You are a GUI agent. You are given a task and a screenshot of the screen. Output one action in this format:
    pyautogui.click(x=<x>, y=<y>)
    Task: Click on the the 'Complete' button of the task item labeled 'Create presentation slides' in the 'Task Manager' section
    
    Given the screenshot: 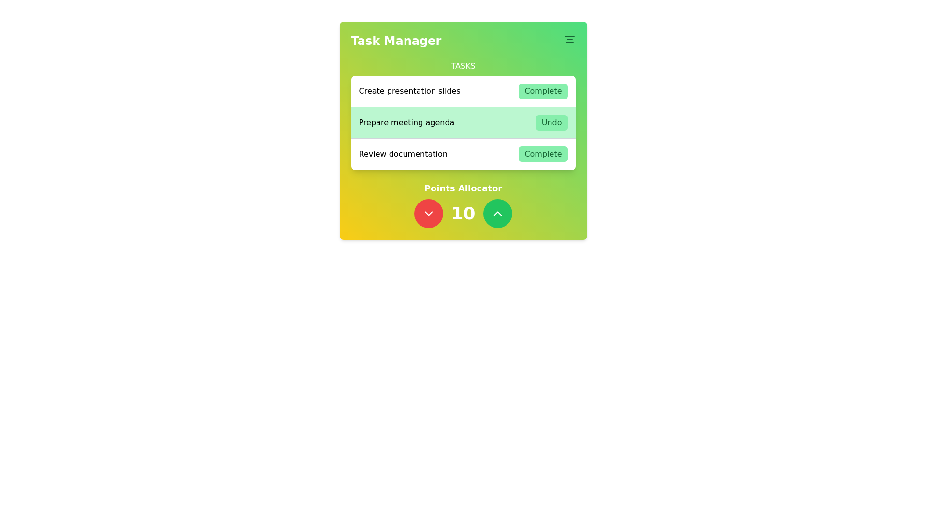 What is the action you would take?
    pyautogui.click(x=463, y=91)
    